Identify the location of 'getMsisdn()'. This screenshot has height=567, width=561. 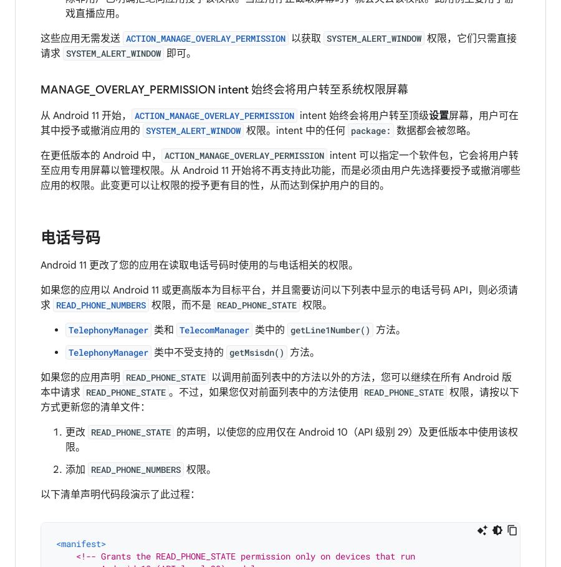
(257, 352).